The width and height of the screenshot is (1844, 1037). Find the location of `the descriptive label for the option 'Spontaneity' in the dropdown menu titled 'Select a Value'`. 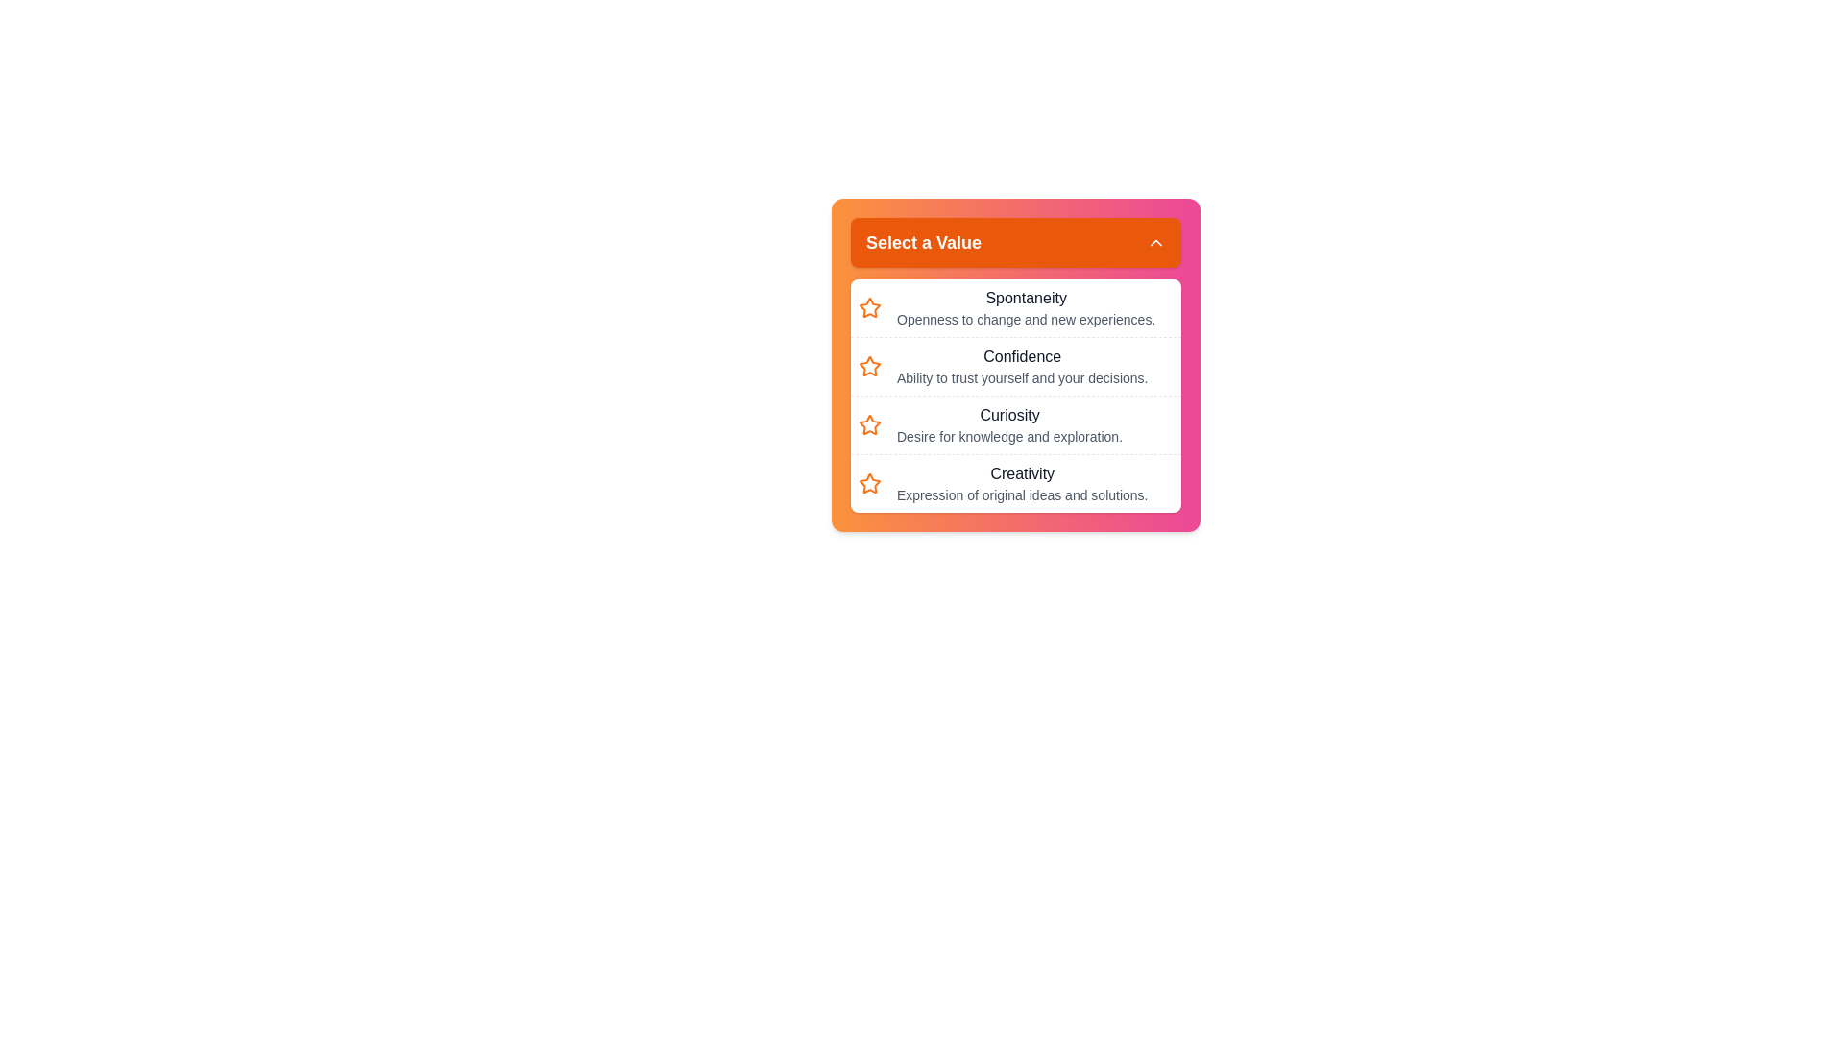

the descriptive label for the option 'Spontaneity' in the dropdown menu titled 'Select a Value' is located at coordinates (1025, 299).